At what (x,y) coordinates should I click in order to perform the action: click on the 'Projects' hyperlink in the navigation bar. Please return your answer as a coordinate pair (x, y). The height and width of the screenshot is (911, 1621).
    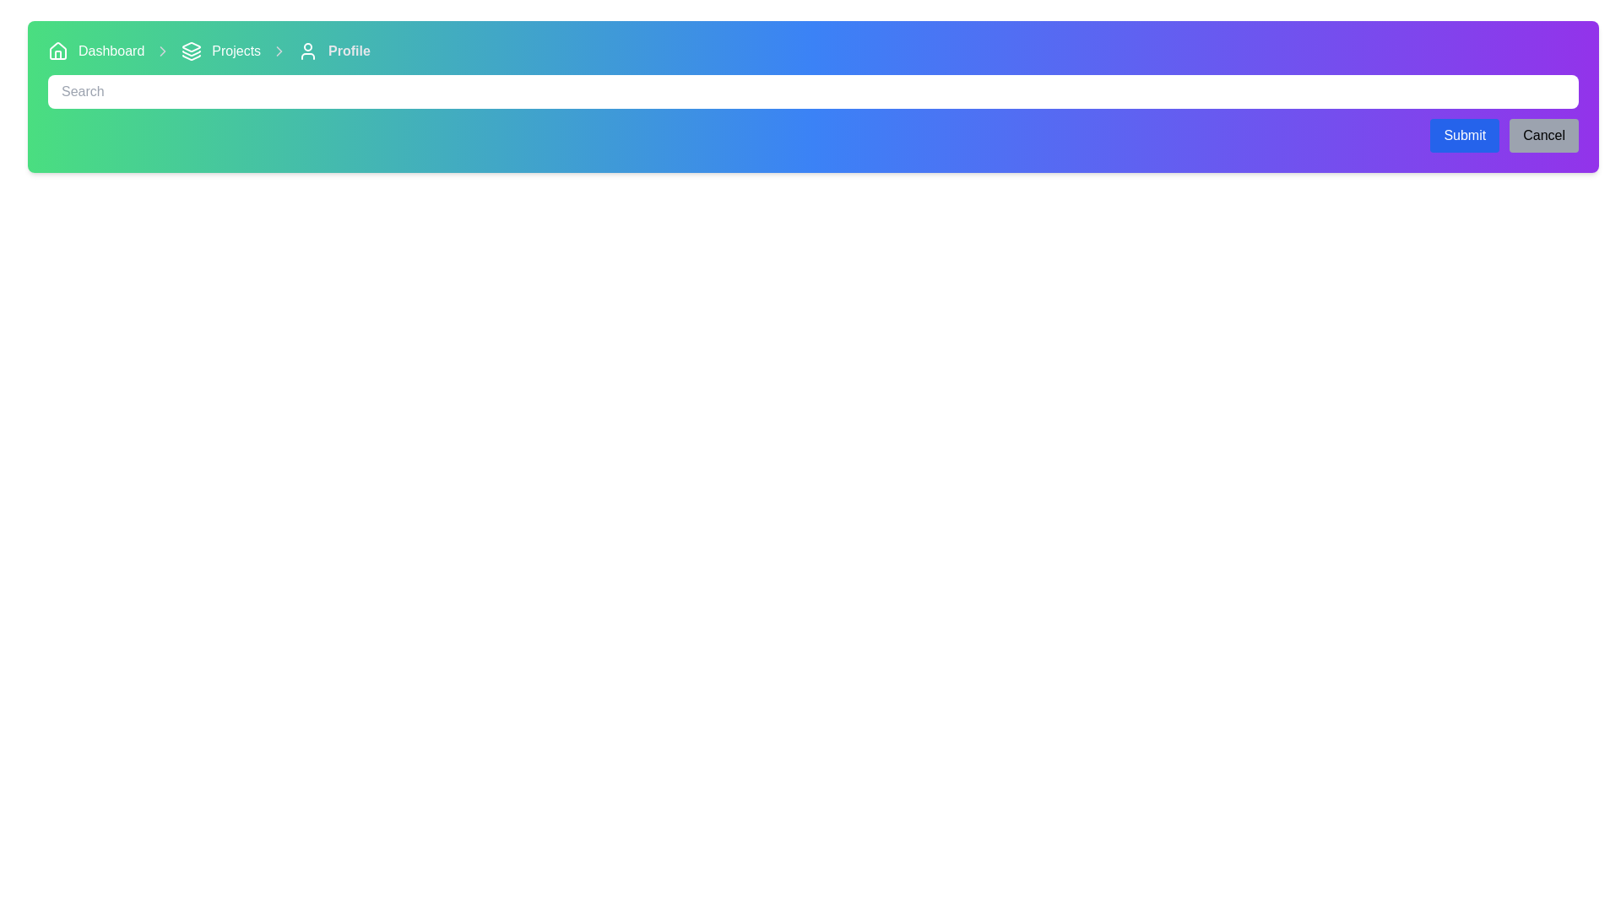
    Looking at the image, I should click on (236, 51).